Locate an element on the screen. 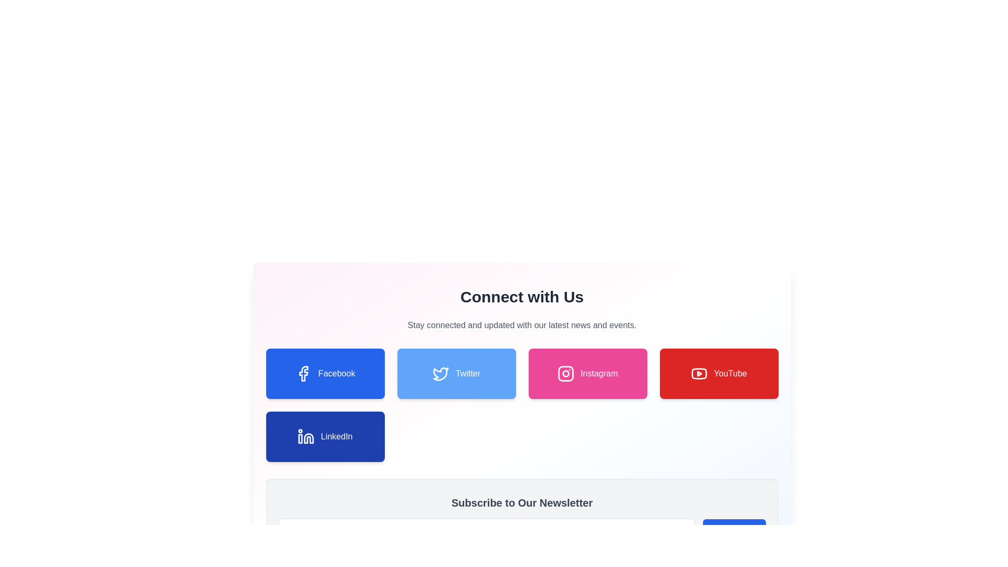 The image size is (1008, 567). the Text element that provides a short, descriptive message about staying updated and connected, located centrally below the header 'Connect with Us' is located at coordinates (522, 325).